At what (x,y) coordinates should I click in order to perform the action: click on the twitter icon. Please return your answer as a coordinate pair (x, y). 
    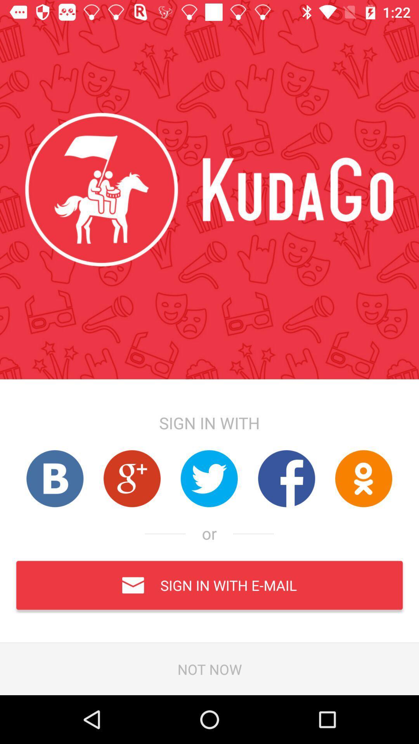
    Looking at the image, I should click on (209, 478).